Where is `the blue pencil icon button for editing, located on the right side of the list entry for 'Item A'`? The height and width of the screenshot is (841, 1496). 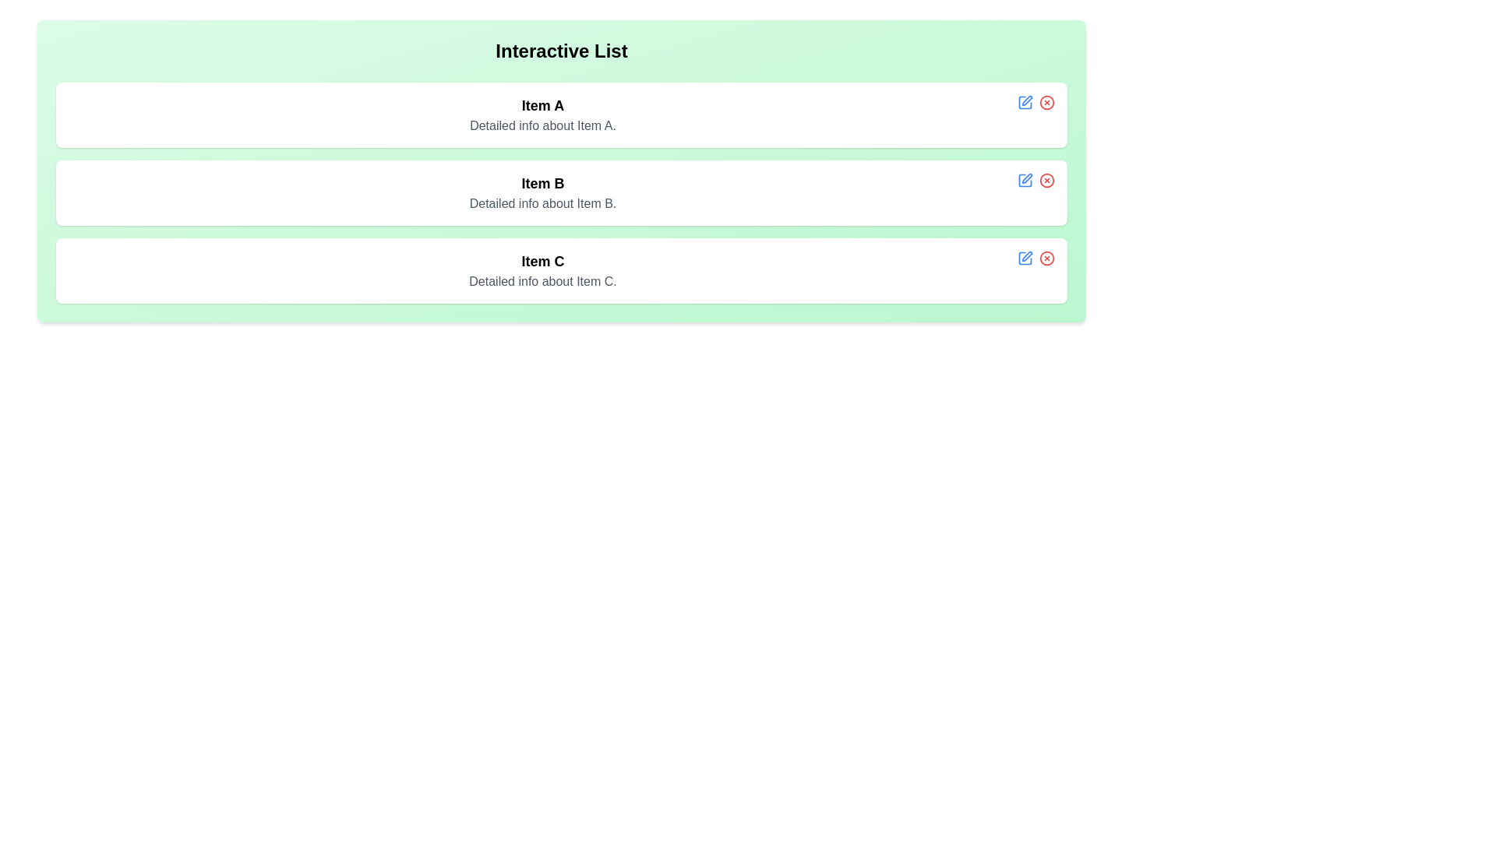
the blue pencil icon button for editing, located on the right side of the list entry for 'Item A' is located at coordinates (1025, 102).